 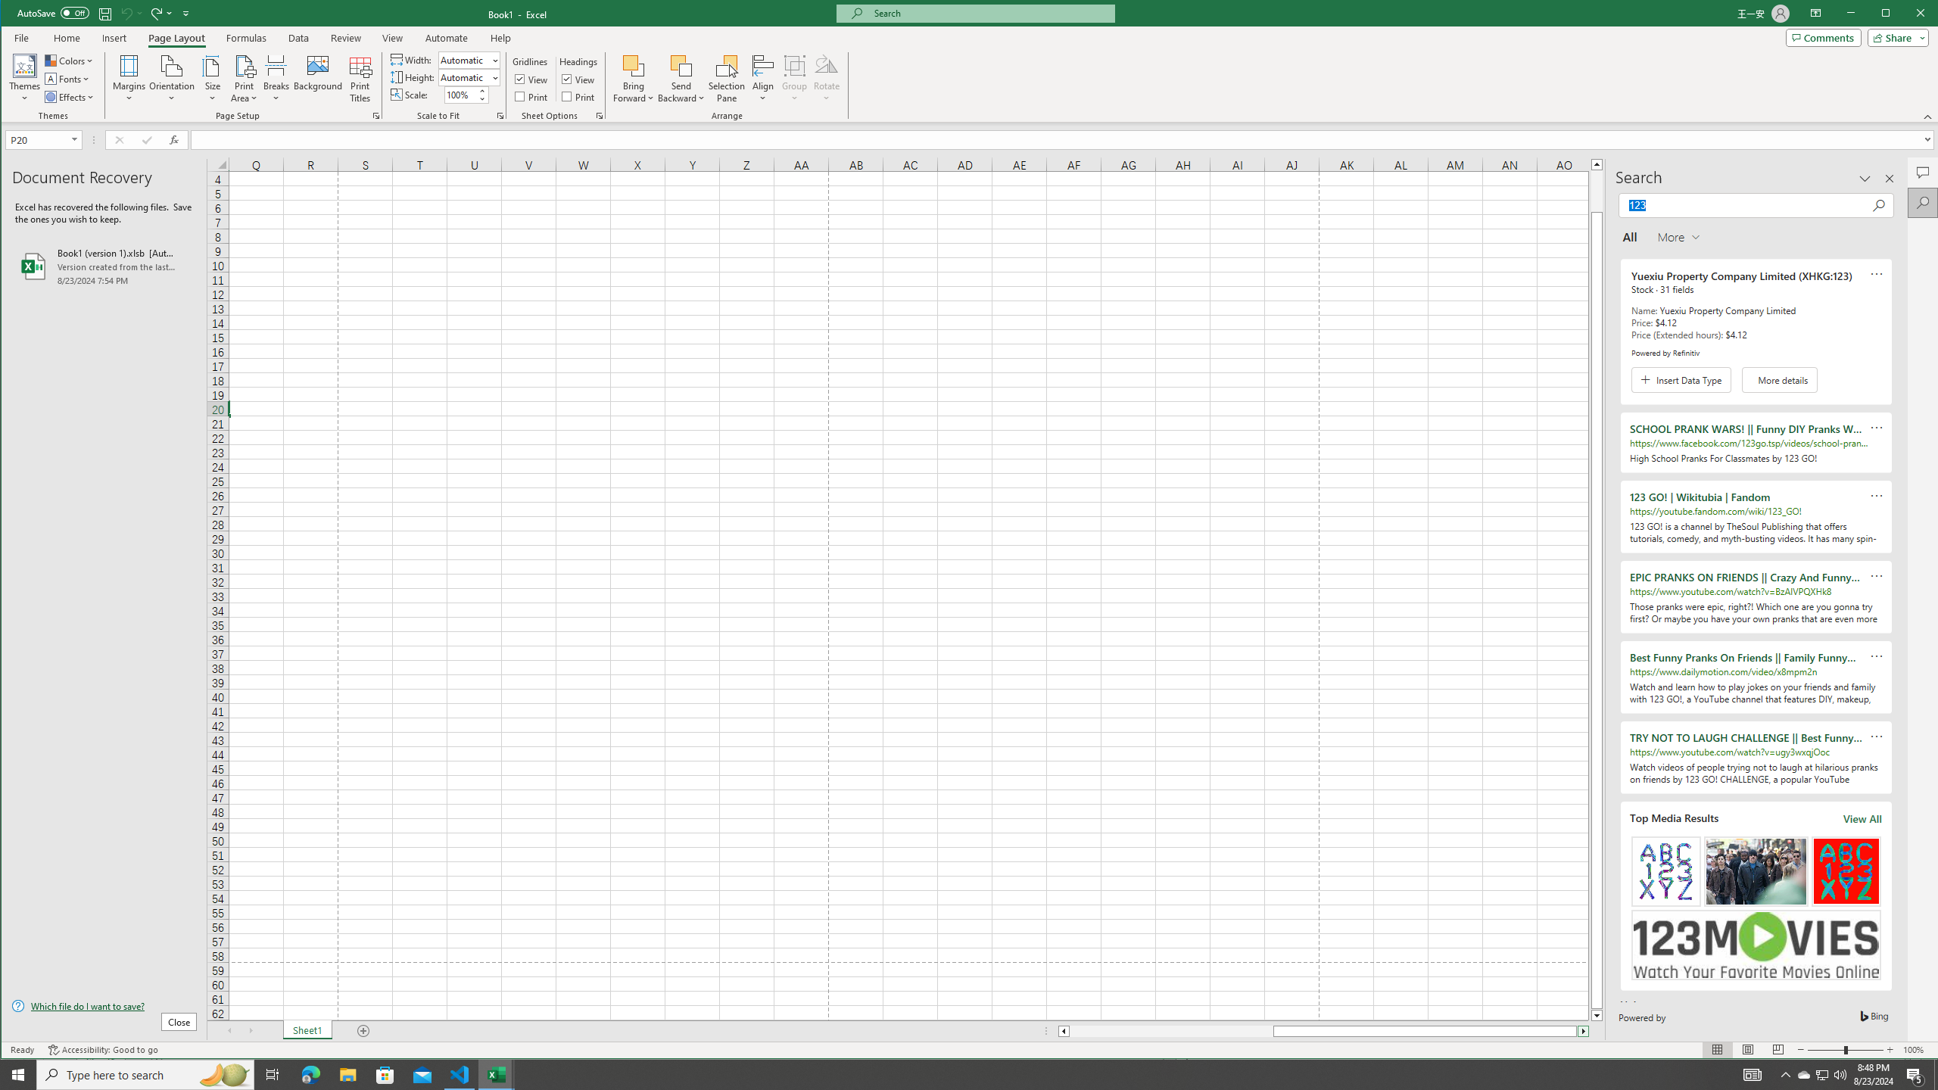 What do you see at coordinates (1890, 14) in the screenshot?
I see `'Minimize'` at bounding box center [1890, 14].